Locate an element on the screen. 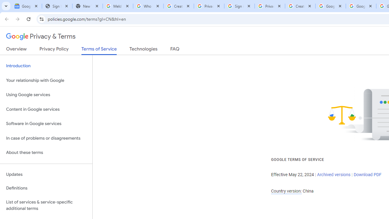 This screenshot has width=389, height=219. 'Who is my administrator? - Google Account Help' is located at coordinates (148, 6).